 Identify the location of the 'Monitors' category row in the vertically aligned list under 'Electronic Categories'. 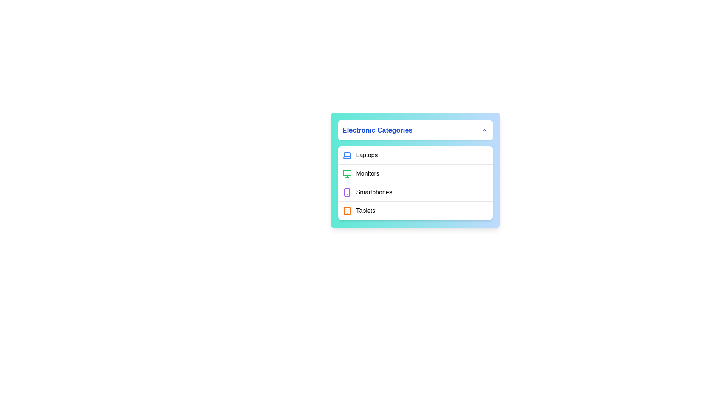
(415, 170).